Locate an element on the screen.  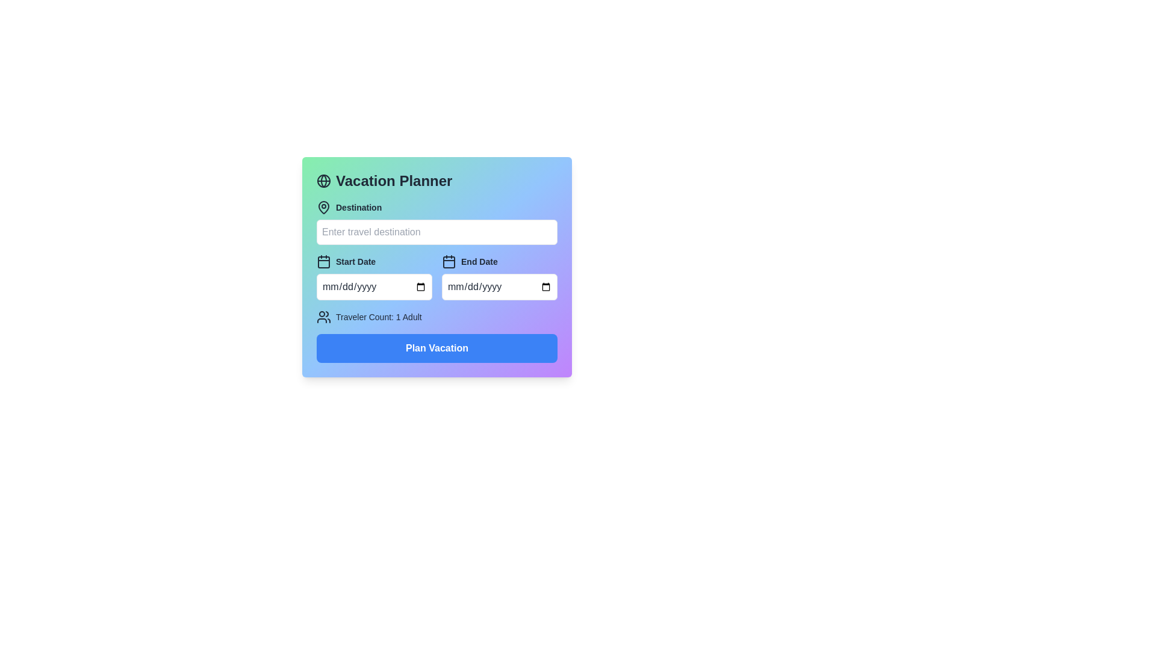
the inner blue rounded rectangle of the calendar icon located to the right of the 'End Date' text input field is located at coordinates (448, 261).